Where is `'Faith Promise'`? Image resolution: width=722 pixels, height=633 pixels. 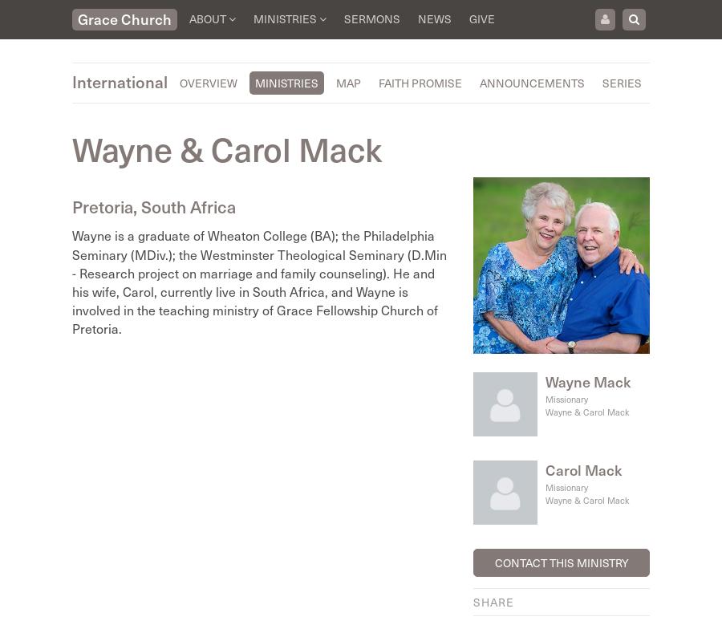
'Faith Promise' is located at coordinates (419, 83).